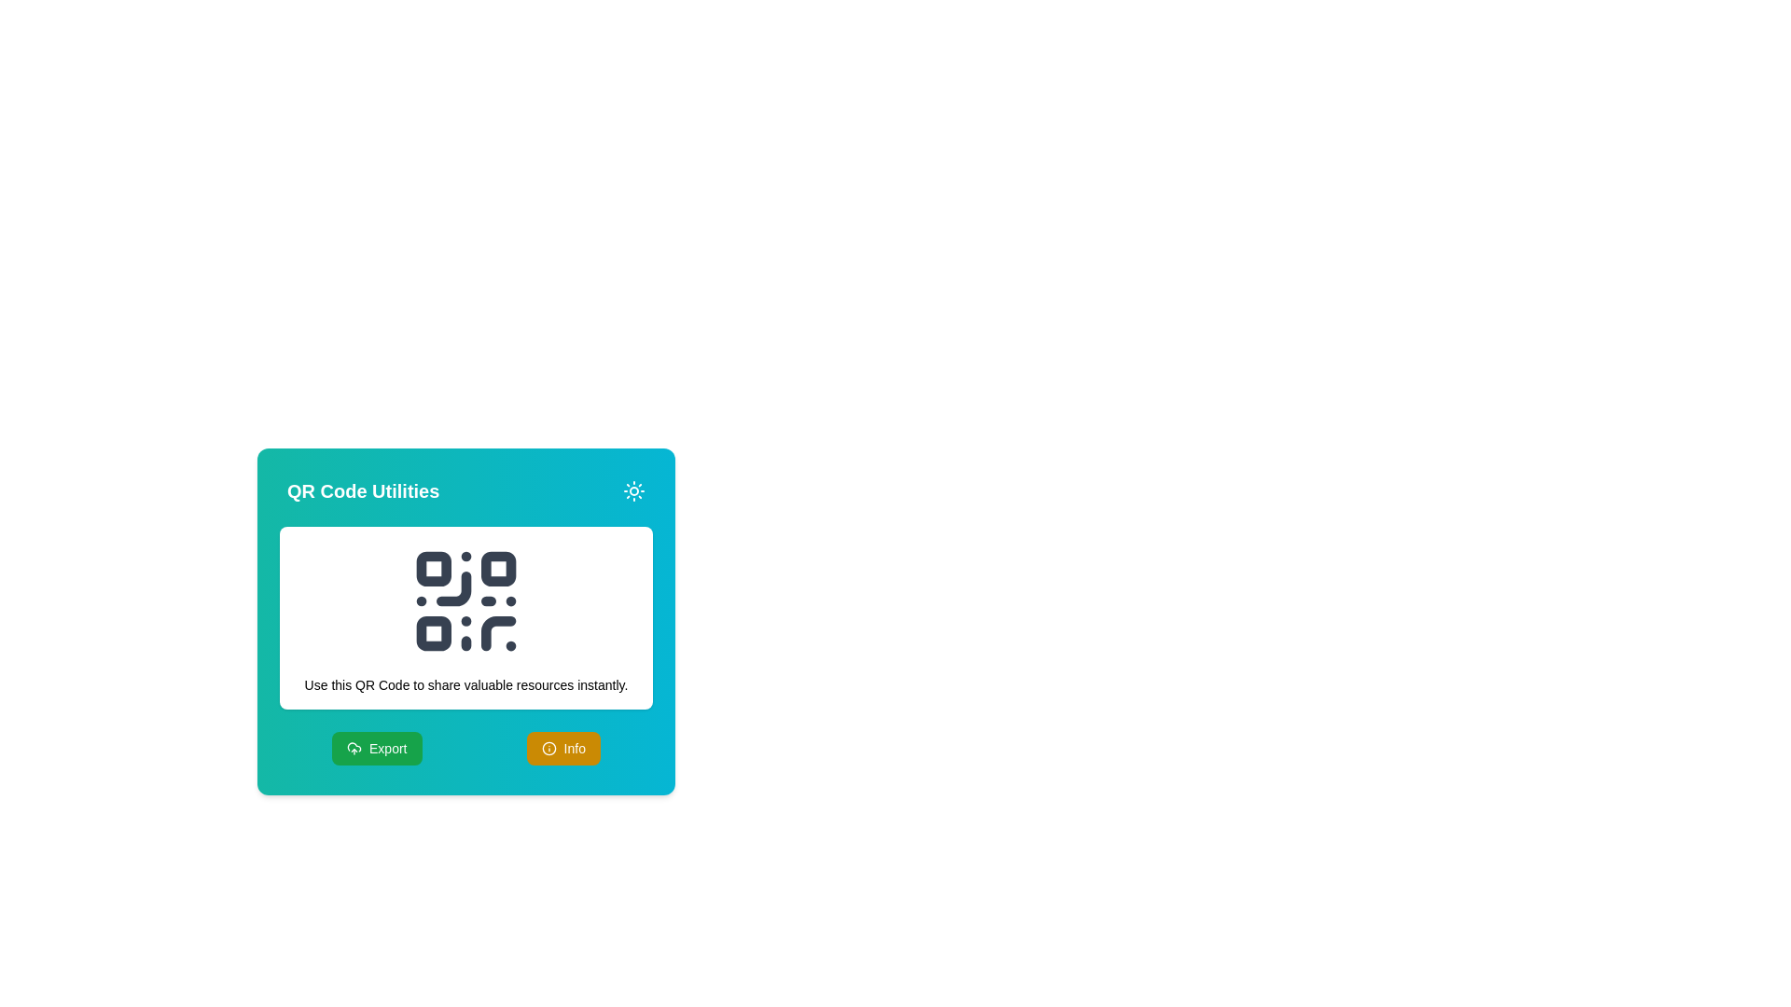  What do you see at coordinates (548, 747) in the screenshot?
I see `the circular icon element embedded in the teal-colored card interface, located near the 'Info' button` at bounding box center [548, 747].